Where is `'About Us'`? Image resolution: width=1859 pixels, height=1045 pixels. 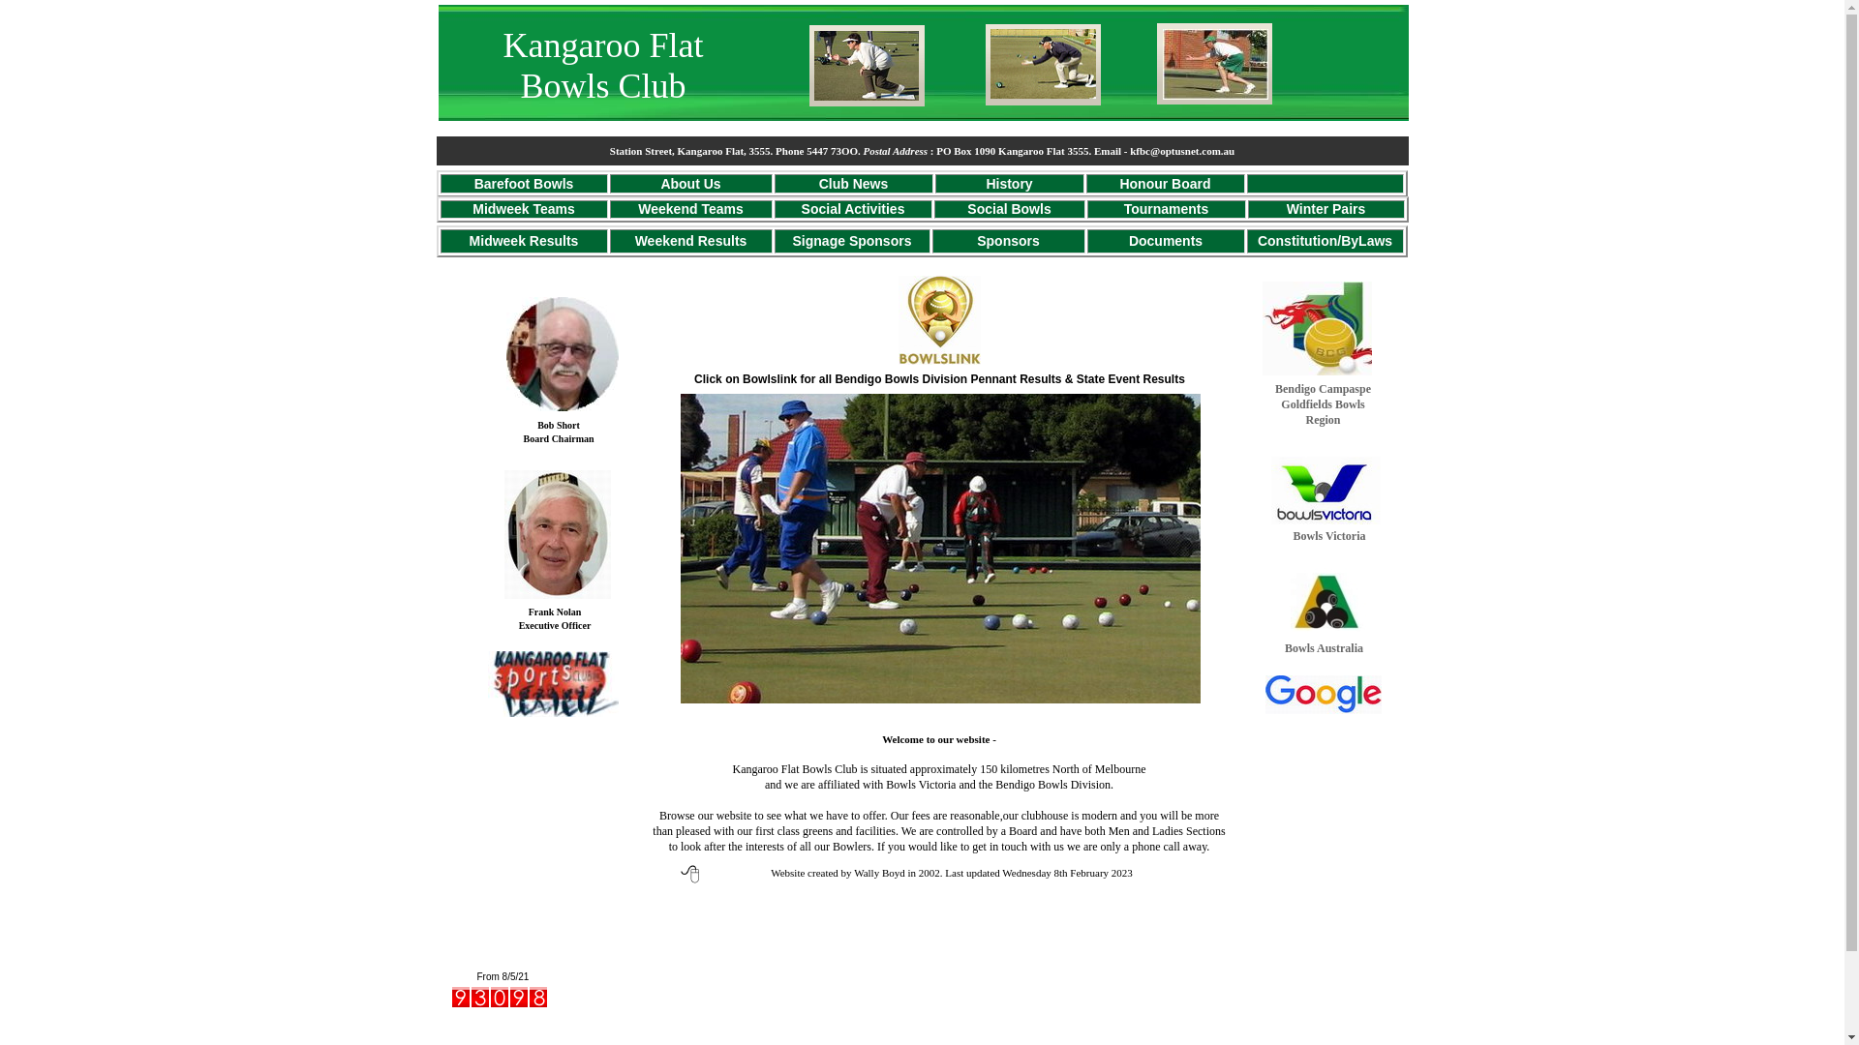
'About Us' is located at coordinates (659, 182).